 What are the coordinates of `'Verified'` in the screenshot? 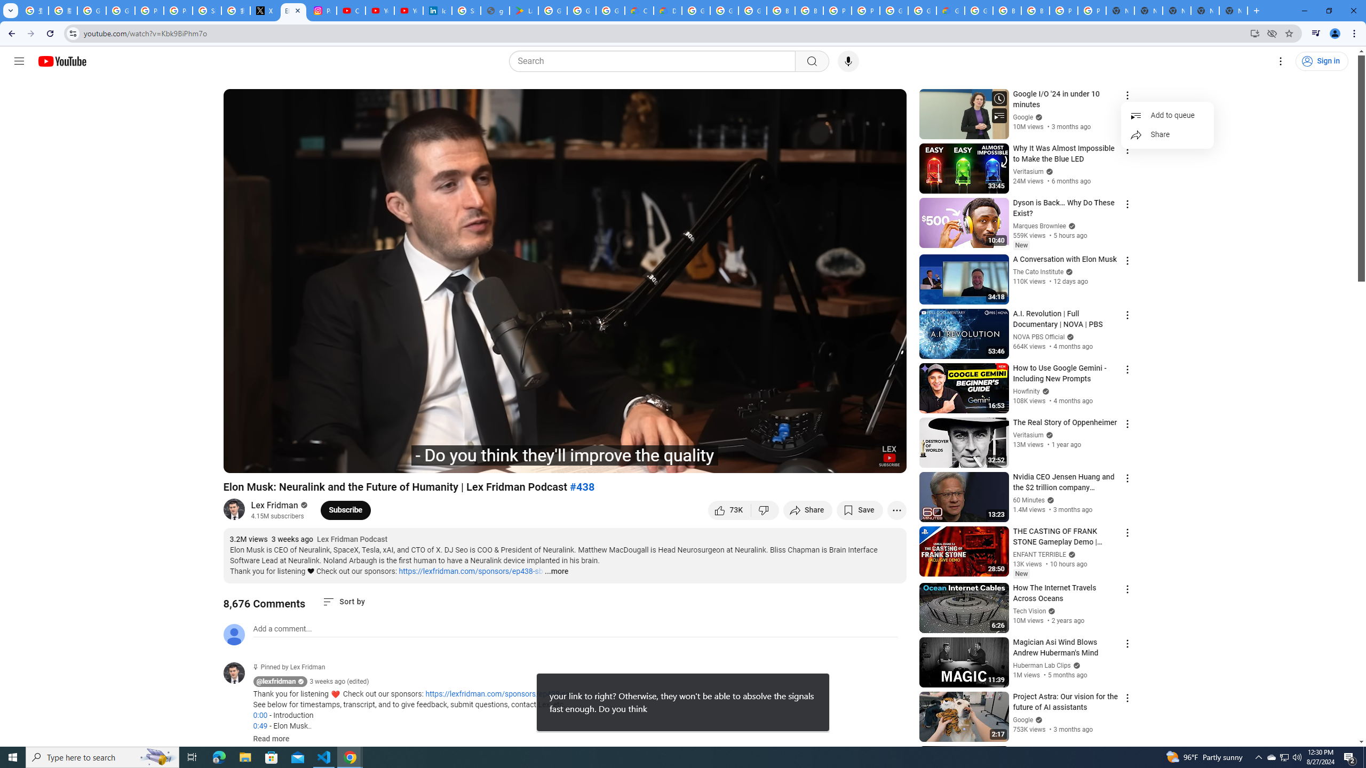 It's located at (1037, 719).